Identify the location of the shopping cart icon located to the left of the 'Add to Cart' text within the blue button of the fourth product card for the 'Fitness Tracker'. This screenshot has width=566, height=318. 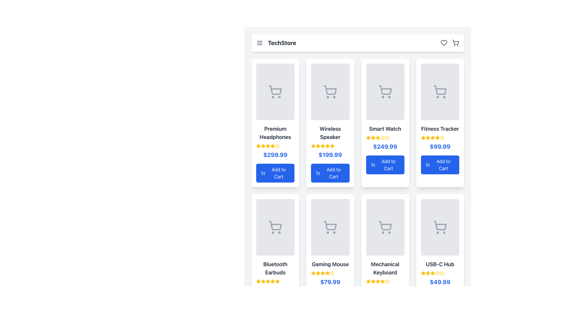
(428, 165).